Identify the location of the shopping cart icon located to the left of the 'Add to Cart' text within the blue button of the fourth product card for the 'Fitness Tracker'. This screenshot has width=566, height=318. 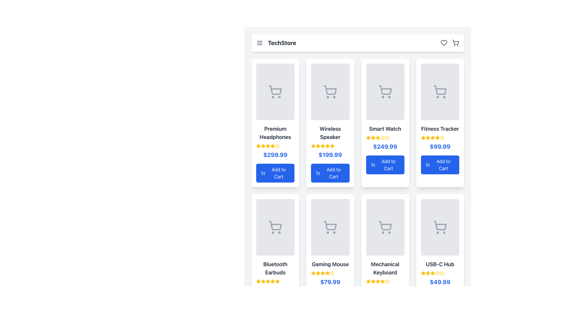
(428, 165).